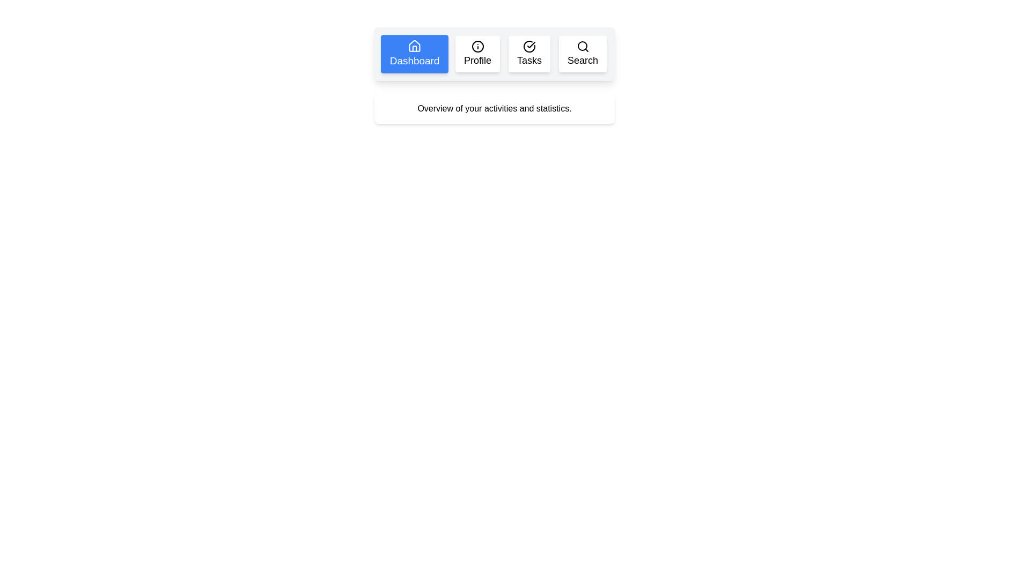 The image size is (1030, 579). I want to click on the tab labeled Dashboard, so click(414, 54).